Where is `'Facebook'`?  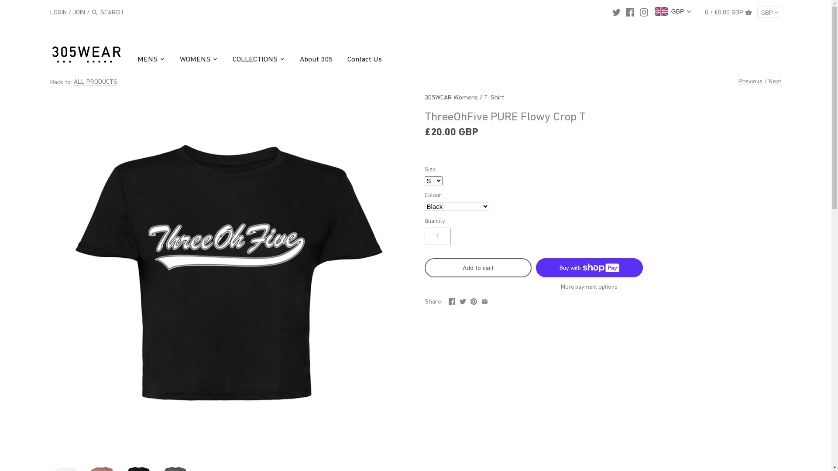
'Facebook' is located at coordinates (452, 300).